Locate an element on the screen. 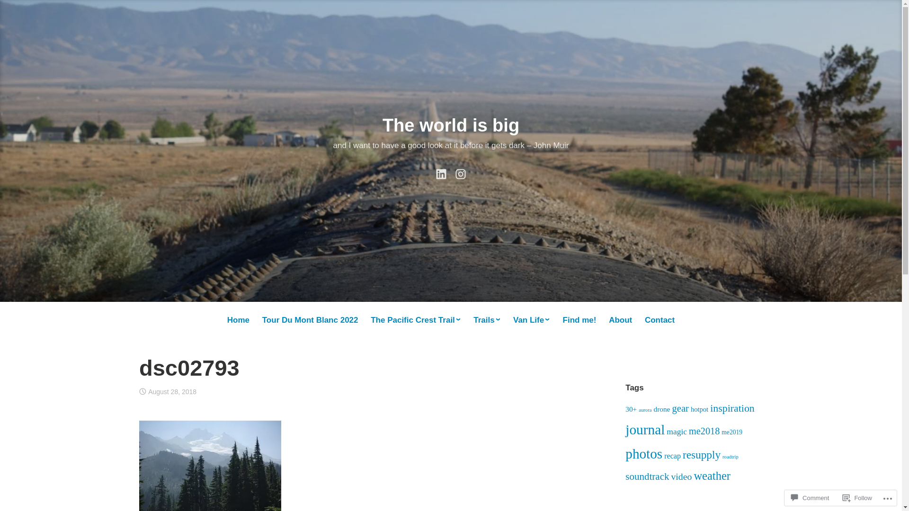  'Tour Du Mont Blanc 2022' is located at coordinates (310, 320).